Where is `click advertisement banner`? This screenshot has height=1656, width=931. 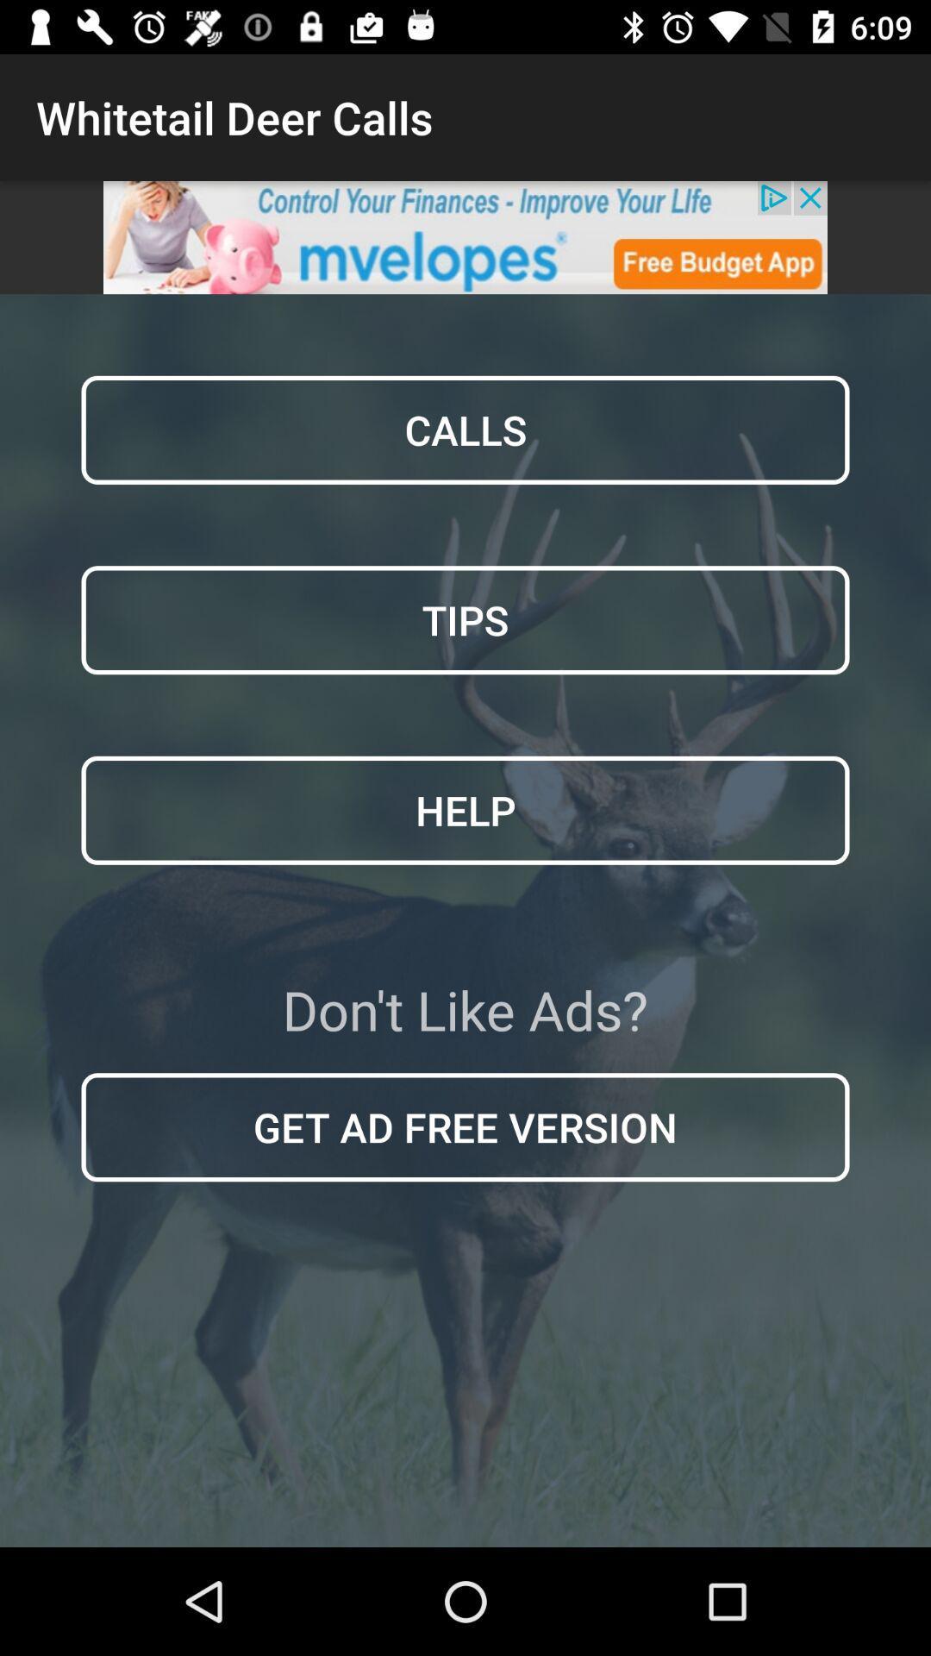 click advertisement banner is located at coordinates (465, 236).